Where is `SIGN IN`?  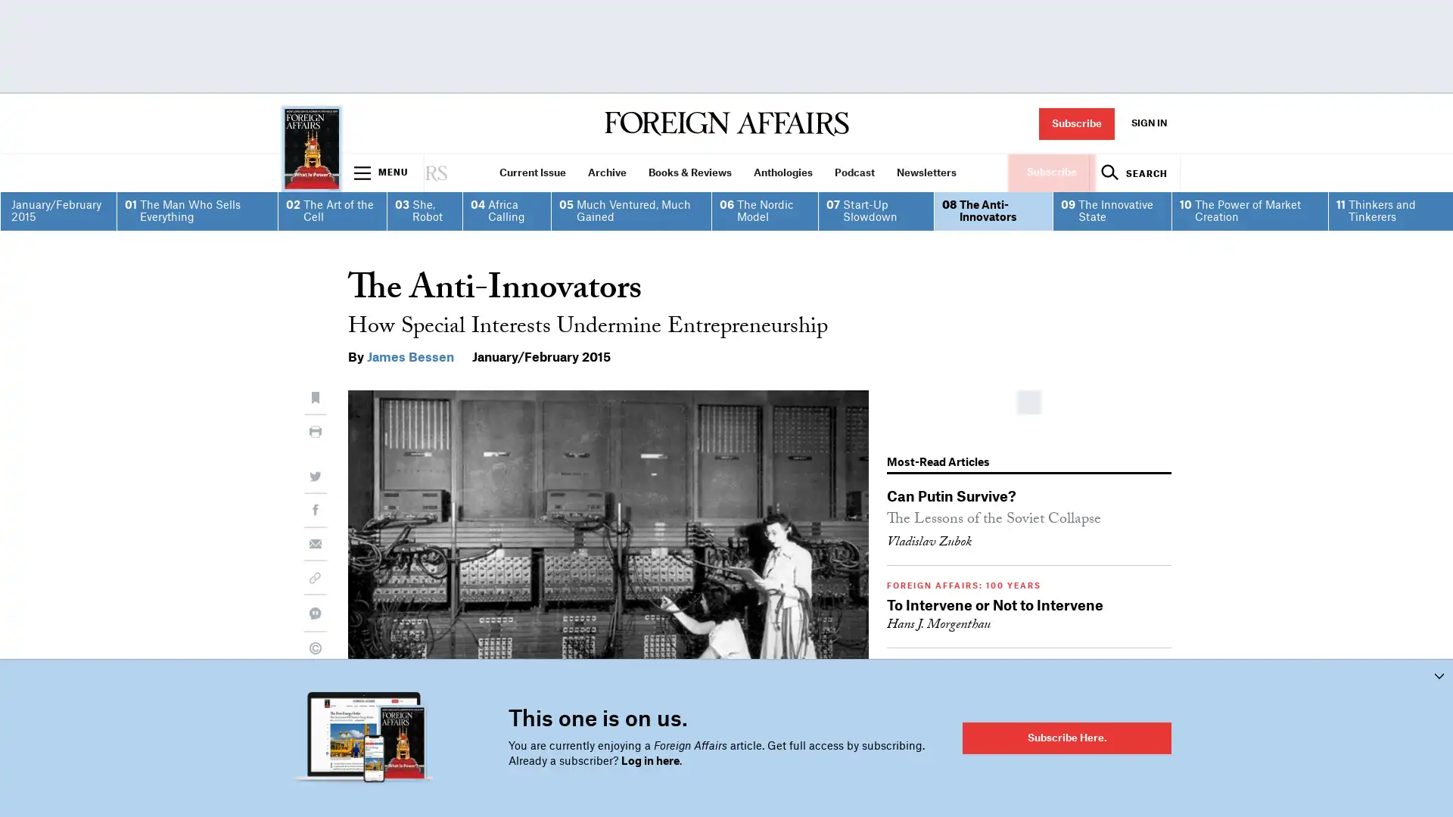
SIGN IN is located at coordinates (1148, 123).